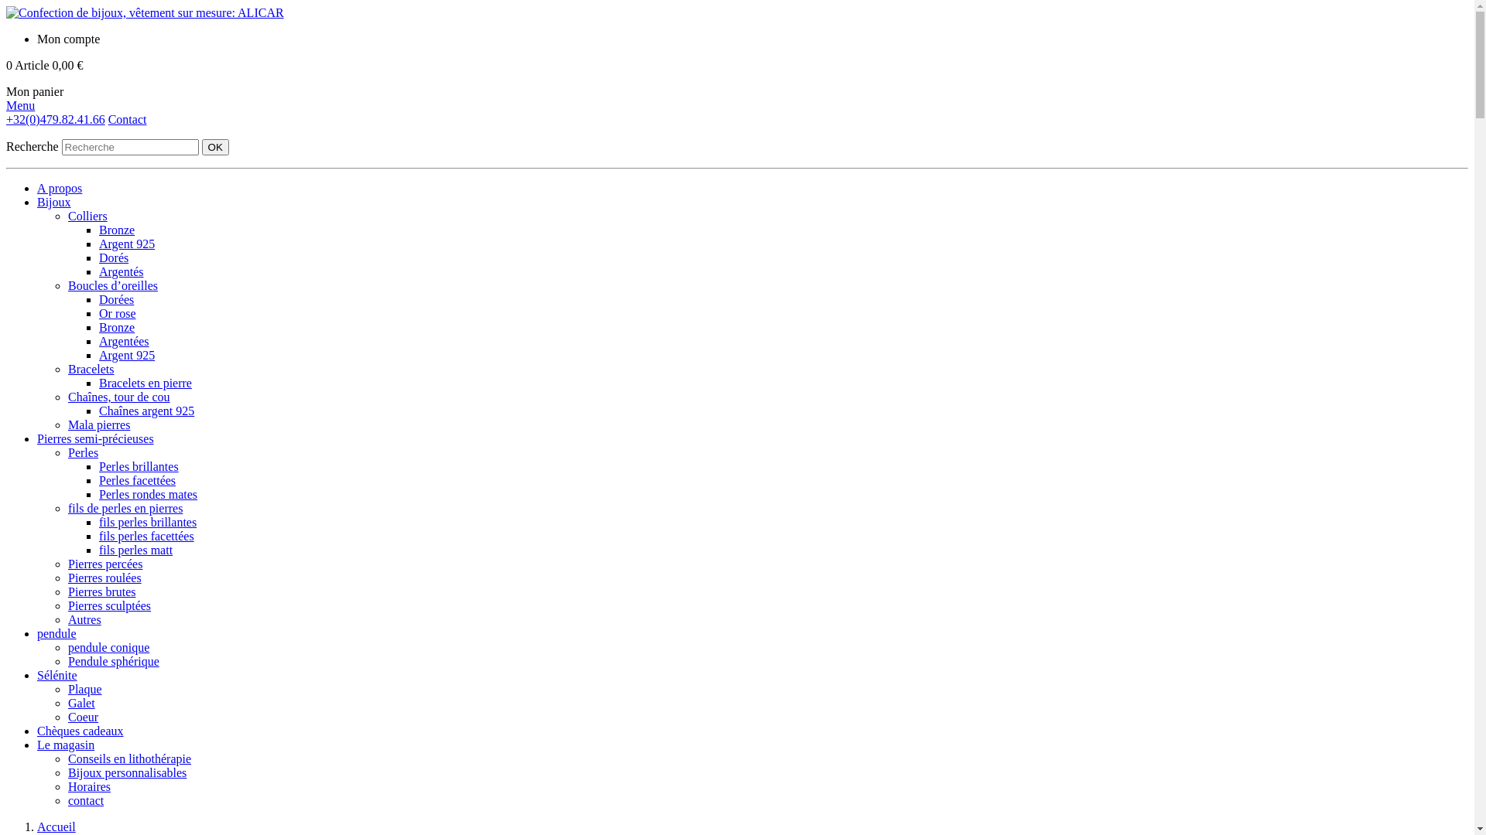 Image resolution: width=1486 pixels, height=835 pixels. I want to click on 'Horaires', so click(88, 786).